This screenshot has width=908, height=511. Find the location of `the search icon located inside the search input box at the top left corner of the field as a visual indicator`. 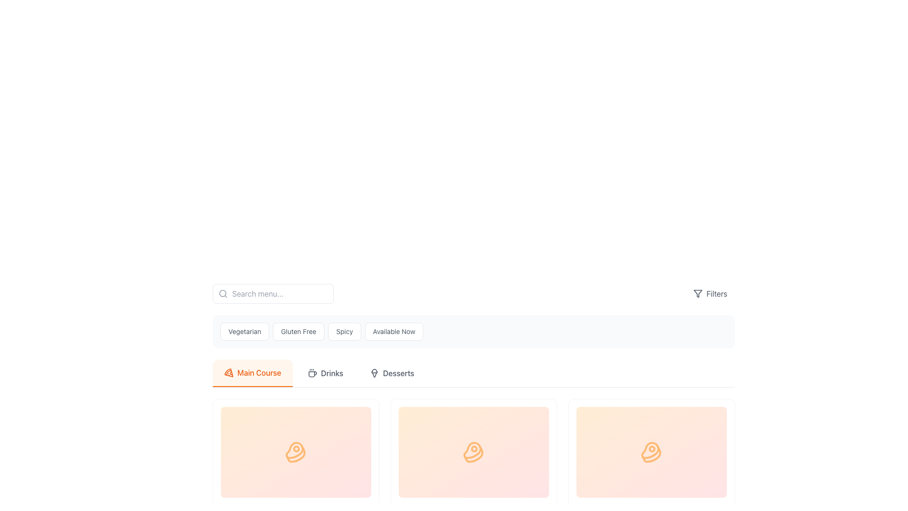

the search icon located inside the search input box at the top left corner of the field as a visual indicator is located at coordinates (222, 293).